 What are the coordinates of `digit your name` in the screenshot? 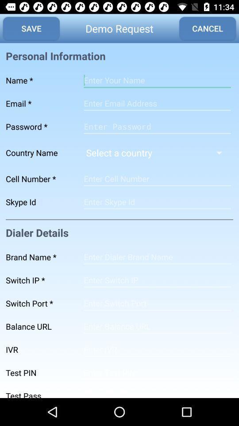 It's located at (157, 80).